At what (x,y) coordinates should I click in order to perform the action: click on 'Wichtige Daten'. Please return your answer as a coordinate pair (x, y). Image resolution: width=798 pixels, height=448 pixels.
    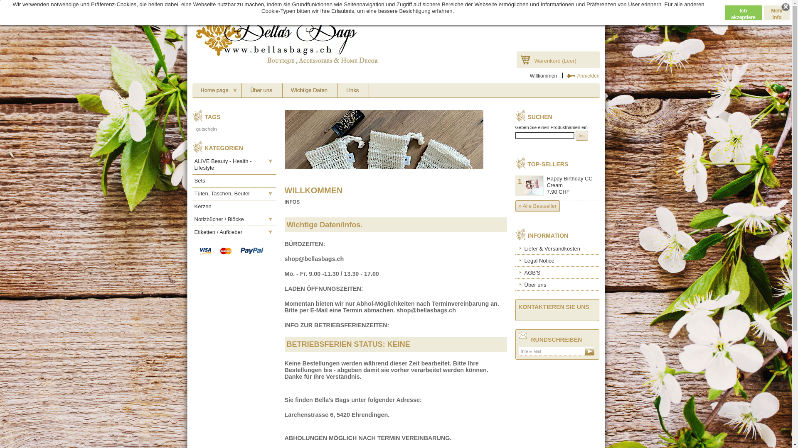
    Looking at the image, I should click on (309, 90).